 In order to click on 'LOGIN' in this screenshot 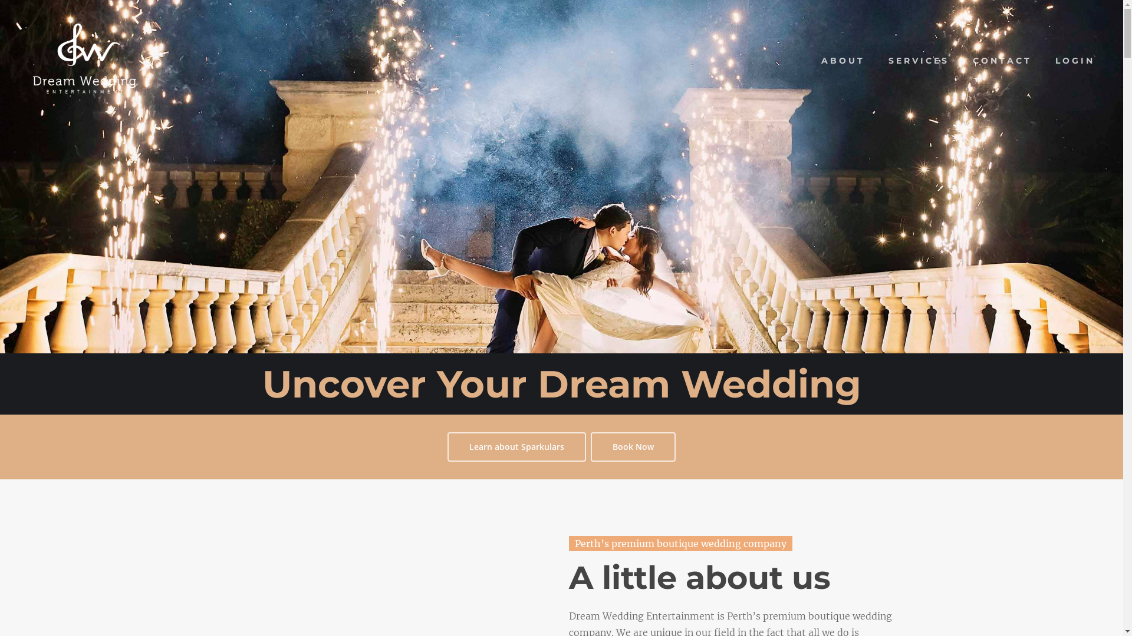, I will do `click(1075, 61)`.